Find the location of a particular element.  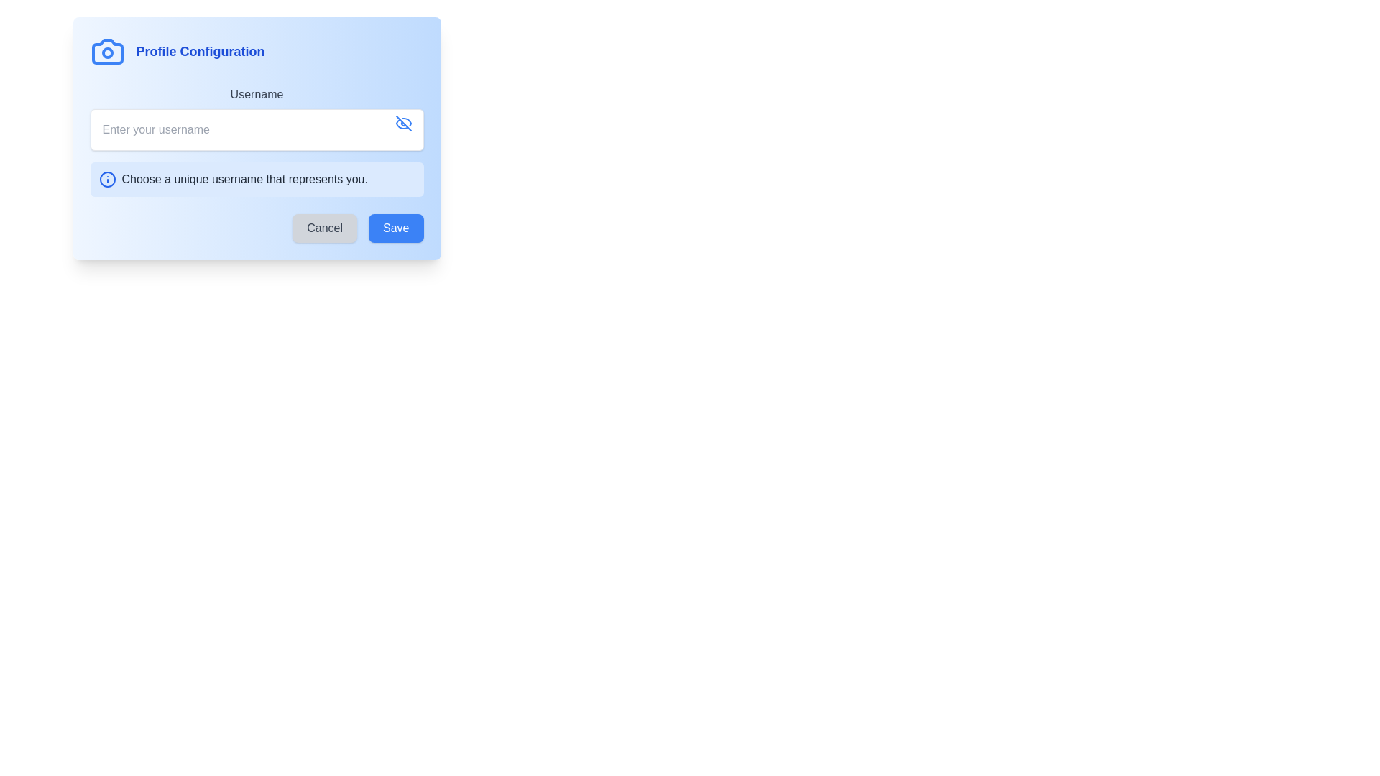

the visibility toggle button located to the right of the username input field is located at coordinates (402, 123).